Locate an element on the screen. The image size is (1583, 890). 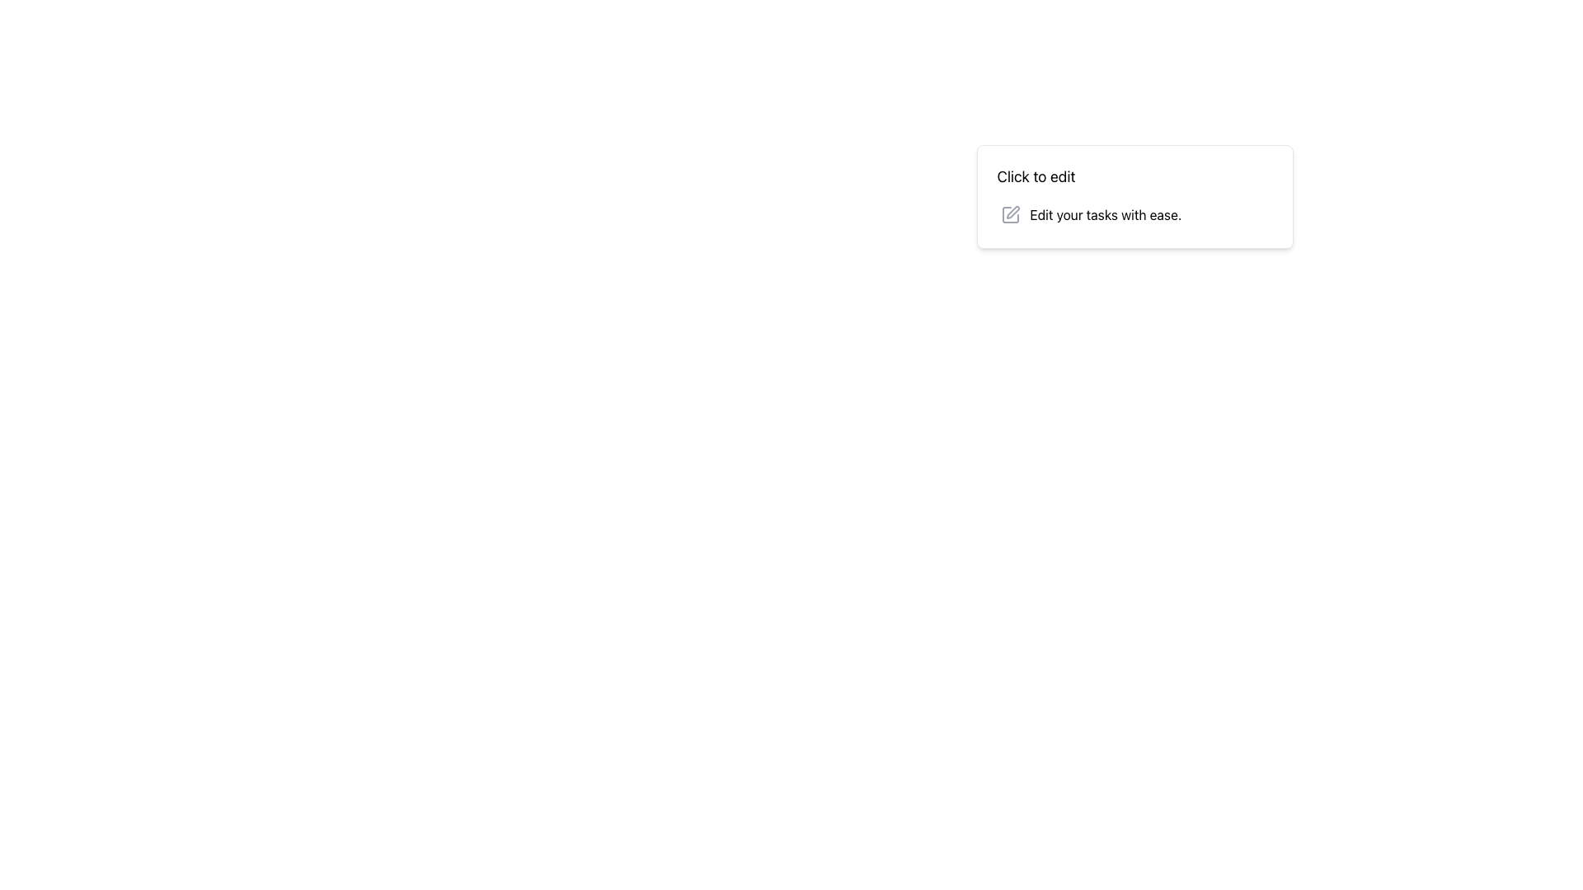
text label displaying 'Edit your tasks with ease.' which is located in a card-like interface to the right of a pencil icon is located at coordinates (1106, 214).